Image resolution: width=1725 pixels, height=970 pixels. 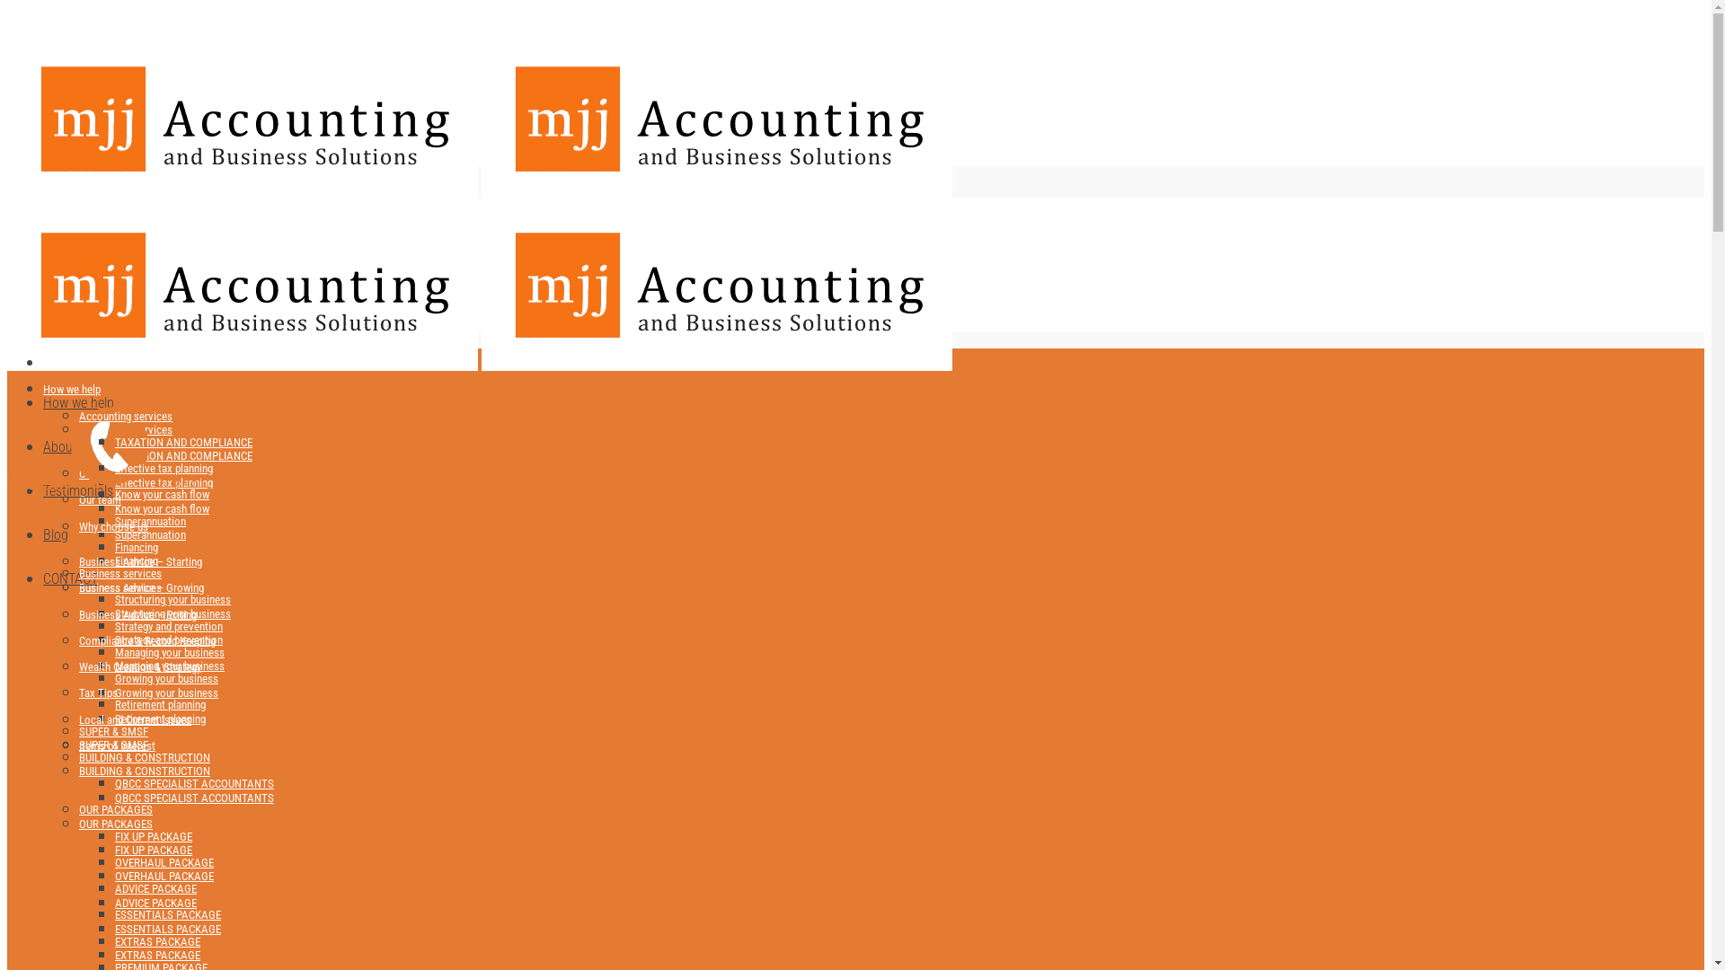 I want to click on 'OVERHAUL PACKAGE', so click(x=164, y=875).